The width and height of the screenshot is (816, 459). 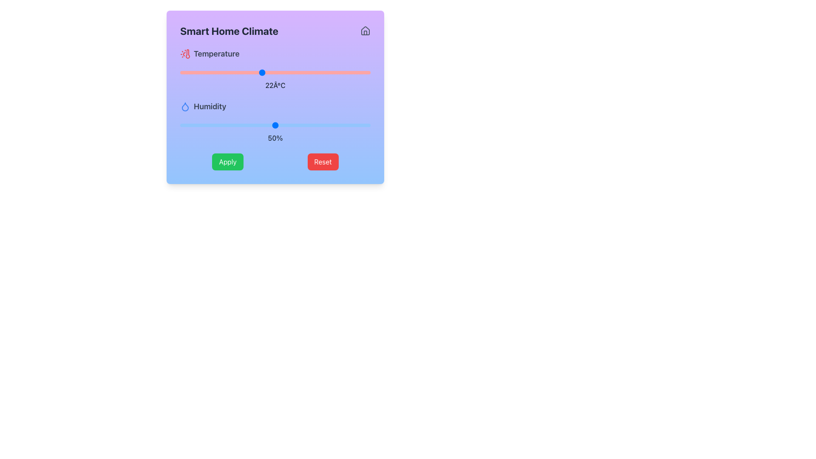 What do you see at coordinates (185, 106) in the screenshot?
I see `the humidity icon located to the left of the 'Humidity' text label in the middle section of the rectangular card layout` at bounding box center [185, 106].